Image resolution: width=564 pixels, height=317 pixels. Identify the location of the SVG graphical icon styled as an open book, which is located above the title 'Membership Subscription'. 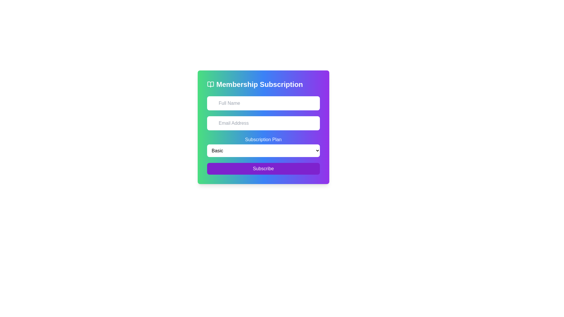
(210, 85).